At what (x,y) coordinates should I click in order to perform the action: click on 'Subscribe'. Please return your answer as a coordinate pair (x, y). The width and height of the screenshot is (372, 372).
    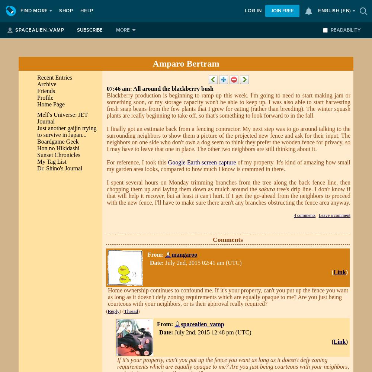
    Looking at the image, I should click on (89, 30).